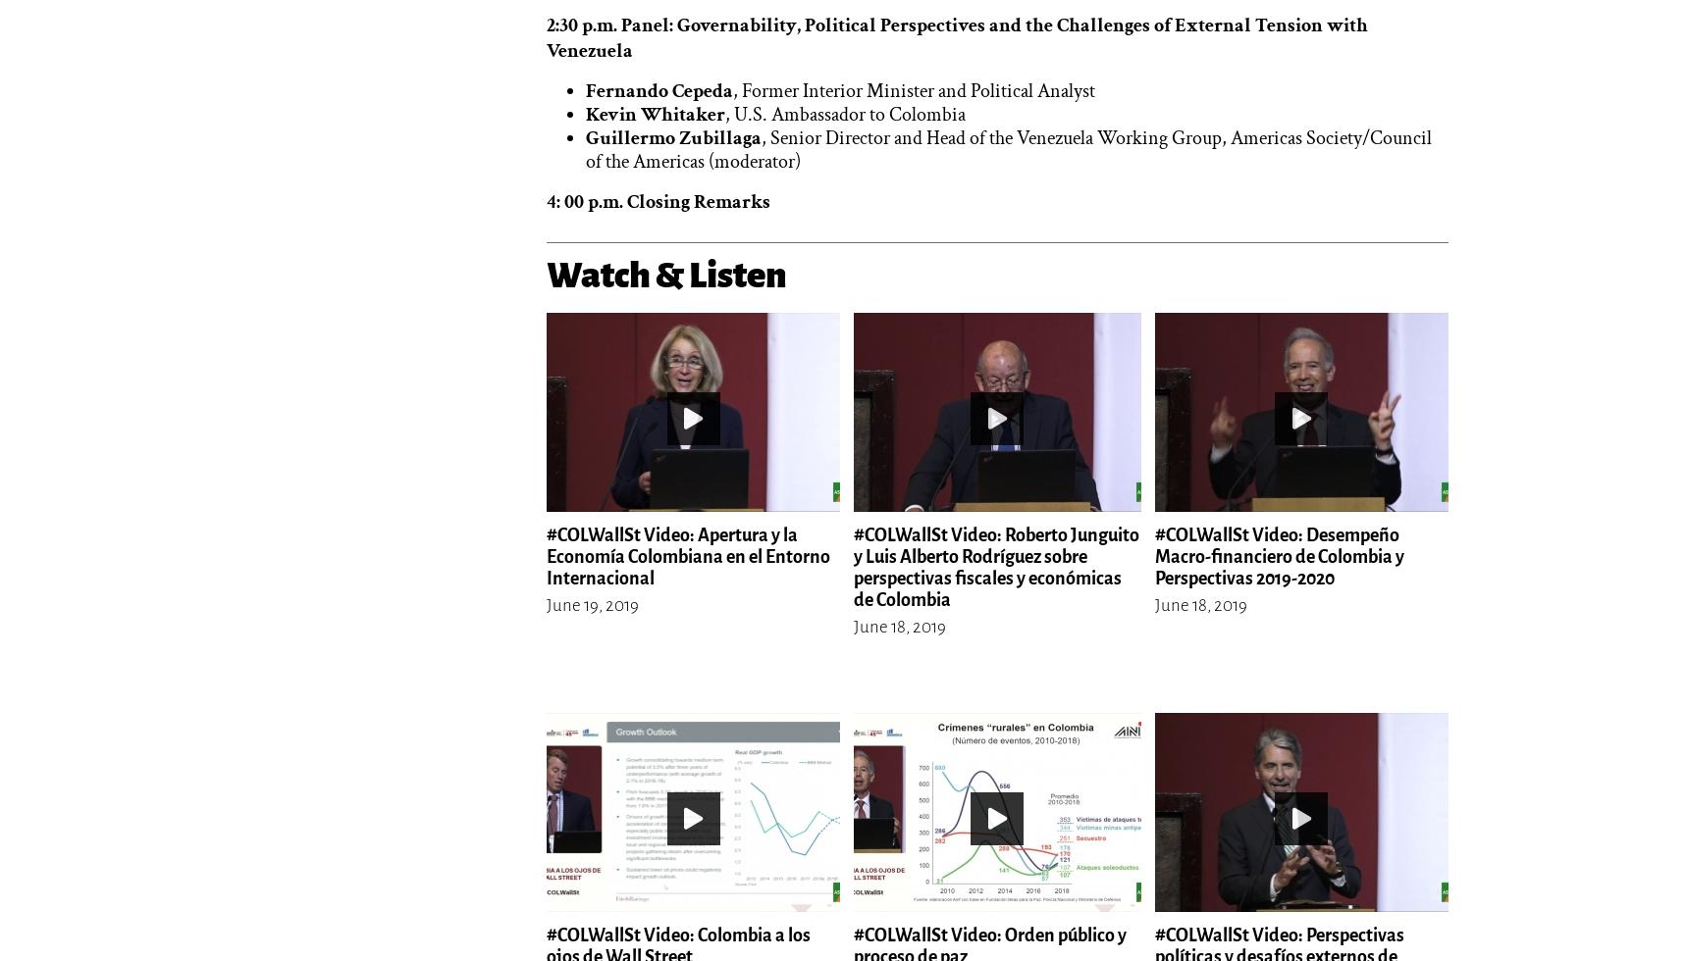  Describe the element at coordinates (957, 37) in the screenshot. I see `'Governability, Political Perspectives and the Challenges of External Tension with Venezuela'` at that location.